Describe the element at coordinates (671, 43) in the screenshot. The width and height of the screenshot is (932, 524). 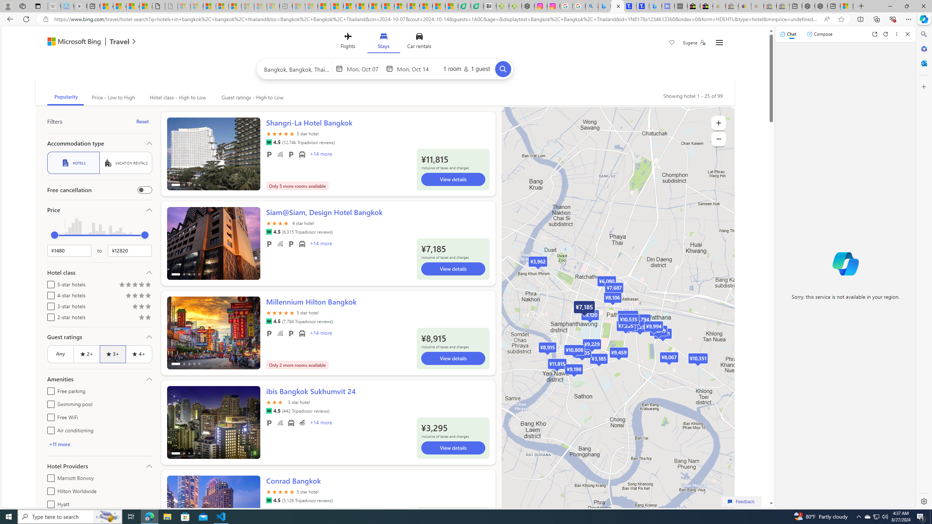
I see `'Save'` at that location.